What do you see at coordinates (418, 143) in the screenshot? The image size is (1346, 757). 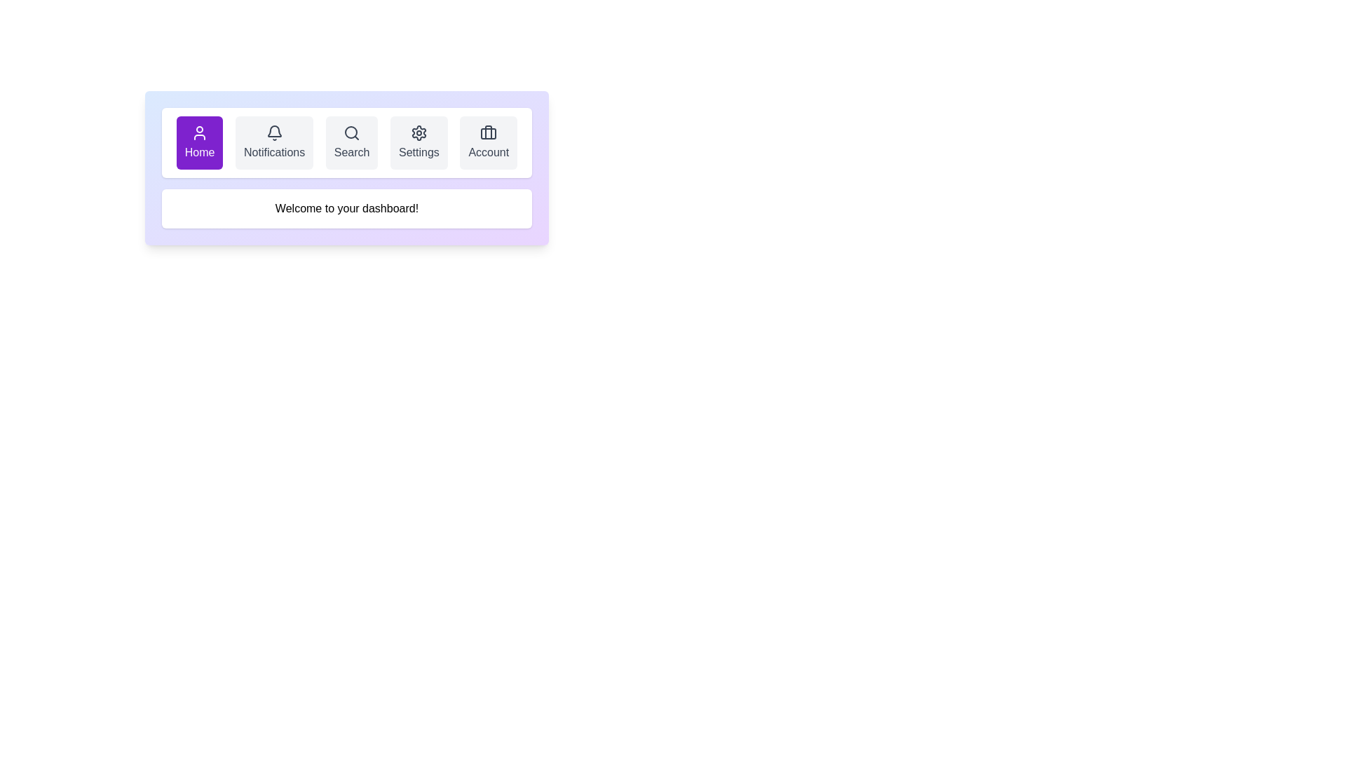 I see `the navigation button for accessing the Settings menu, which is the fourth button in the top navigation bar, positioned between 'Search' and 'Account'` at bounding box center [418, 143].